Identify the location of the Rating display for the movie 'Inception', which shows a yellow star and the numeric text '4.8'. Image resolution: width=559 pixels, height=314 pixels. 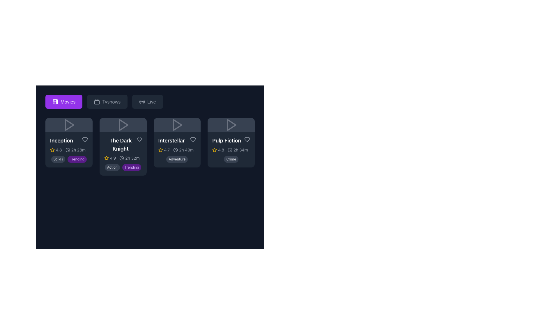
(56, 150).